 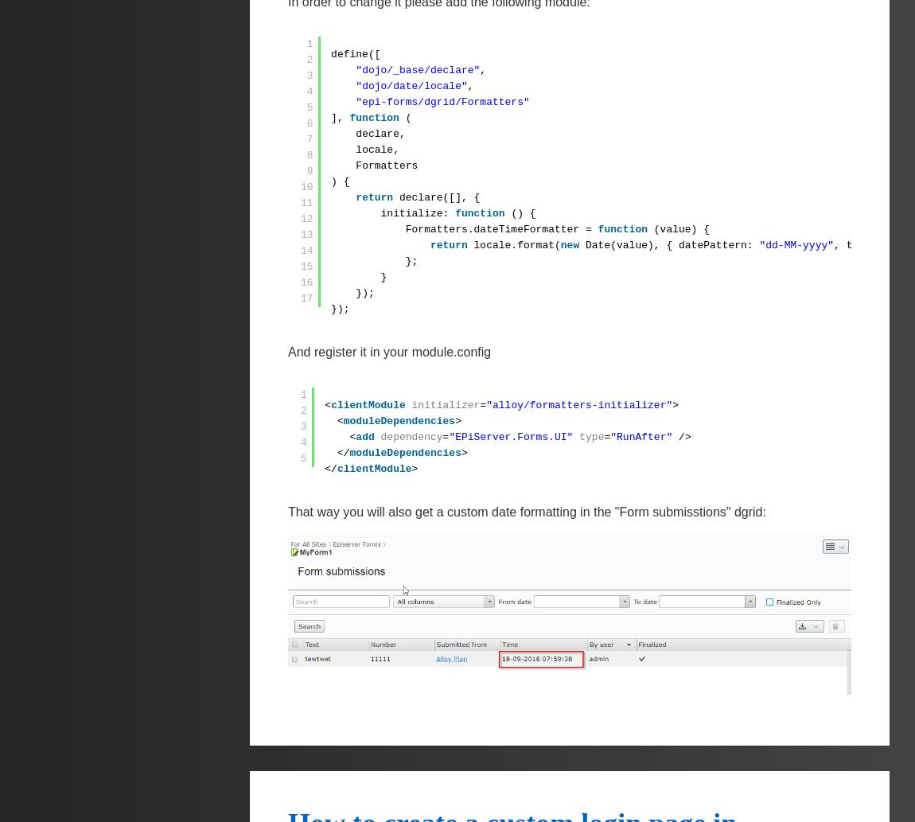 What do you see at coordinates (306, 234) in the screenshot?
I see `'13'` at bounding box center [306, 234].